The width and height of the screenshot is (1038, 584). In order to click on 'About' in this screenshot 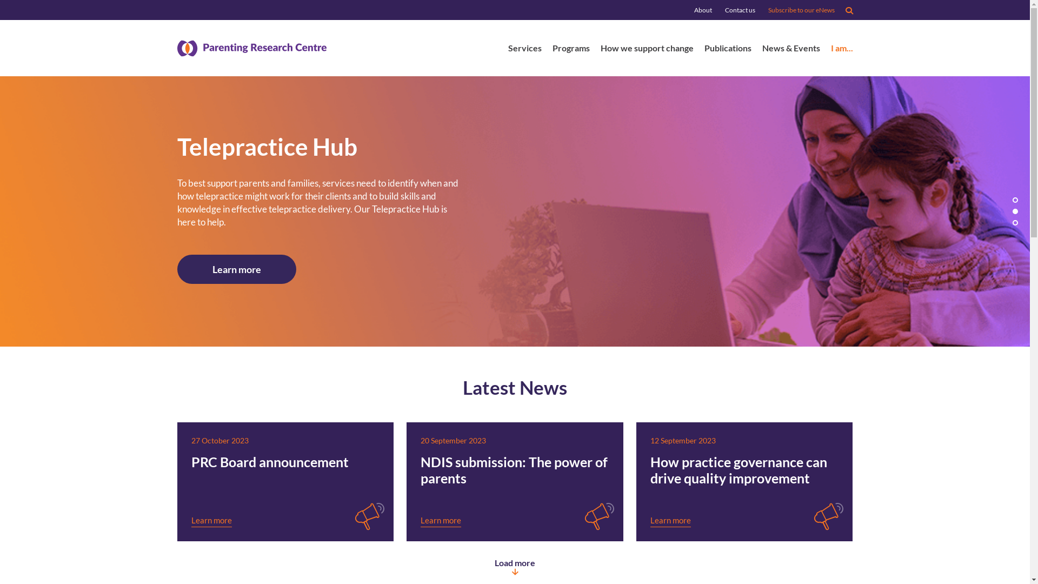, I will do `click(703, 10)`.